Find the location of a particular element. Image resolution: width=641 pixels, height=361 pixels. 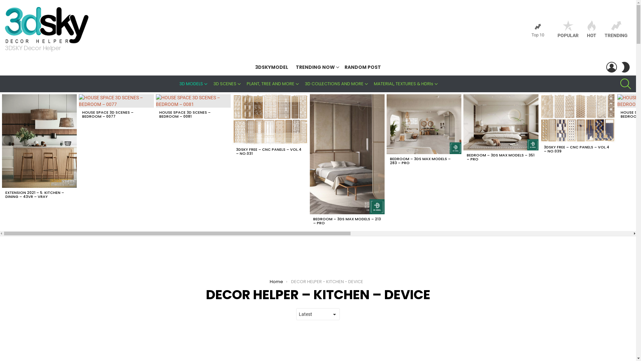

'SWITCH SKIN' is located at coordinates (625, 67).